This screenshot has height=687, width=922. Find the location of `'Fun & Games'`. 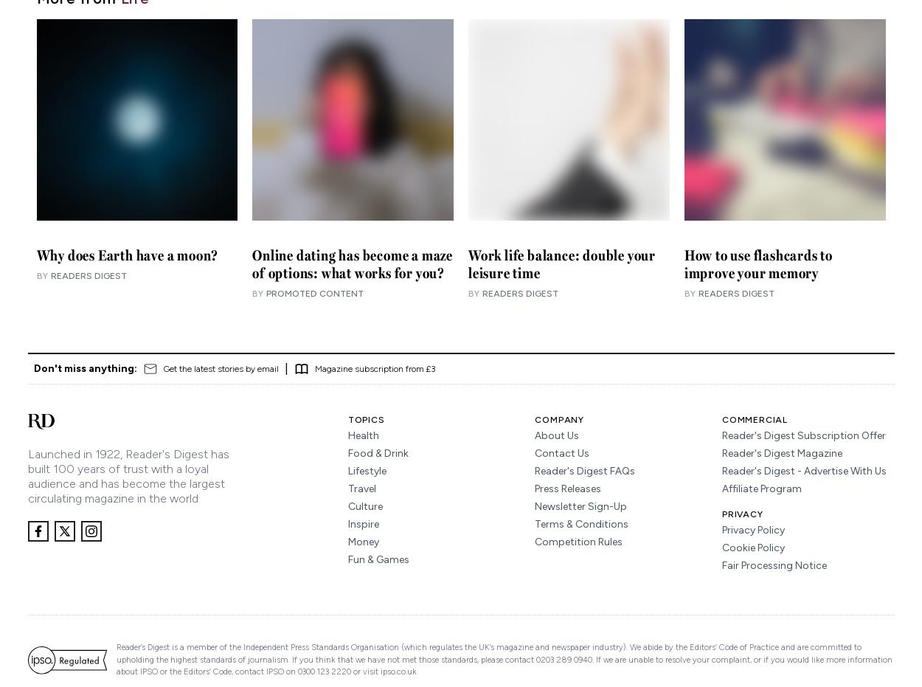

'Fun & Games' is located at coordinates (378, 559).